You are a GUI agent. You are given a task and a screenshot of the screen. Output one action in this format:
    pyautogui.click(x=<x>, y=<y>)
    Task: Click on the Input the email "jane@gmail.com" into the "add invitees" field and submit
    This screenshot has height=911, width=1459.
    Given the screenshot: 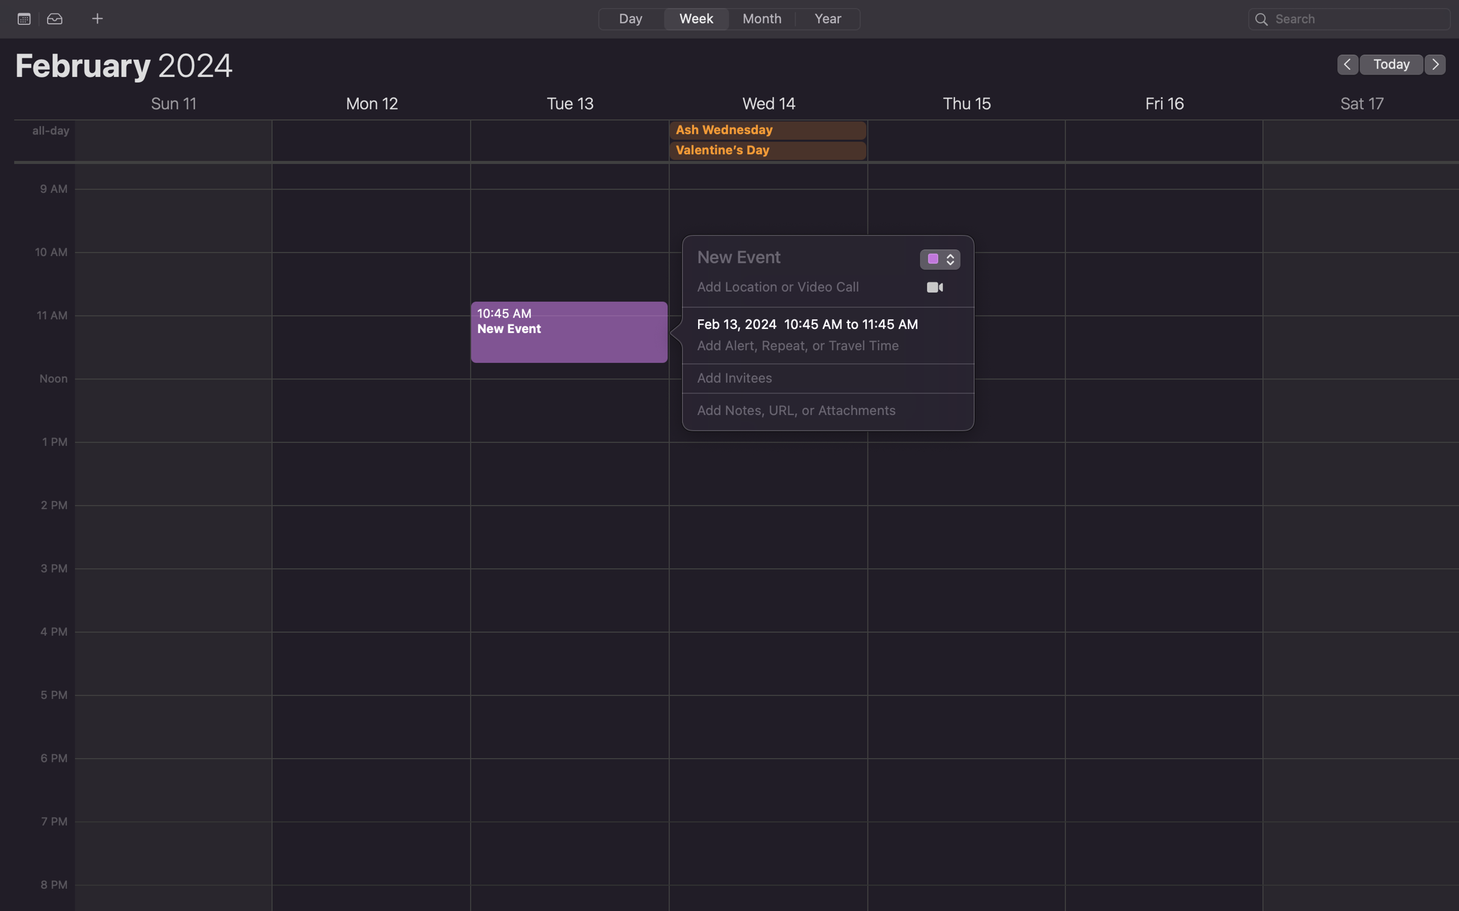 What is the action you would take?
    pyautogui.click(x=815, y=378)
    